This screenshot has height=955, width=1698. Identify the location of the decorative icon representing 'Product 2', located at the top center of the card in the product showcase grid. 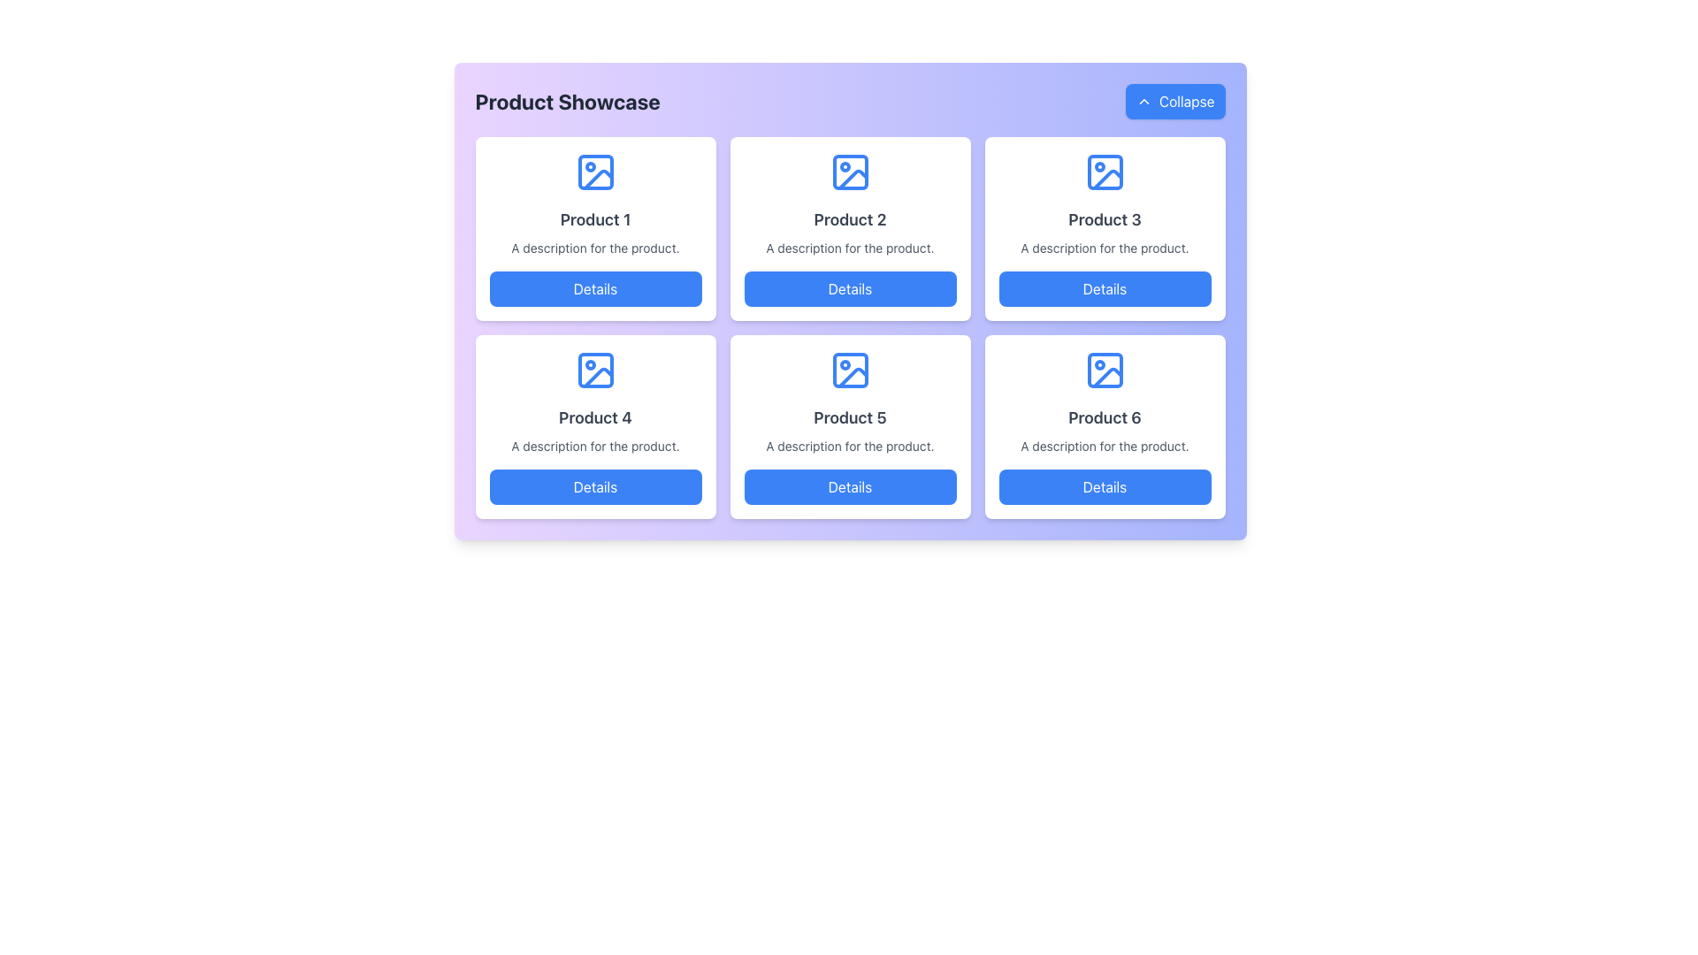
(850, 172).